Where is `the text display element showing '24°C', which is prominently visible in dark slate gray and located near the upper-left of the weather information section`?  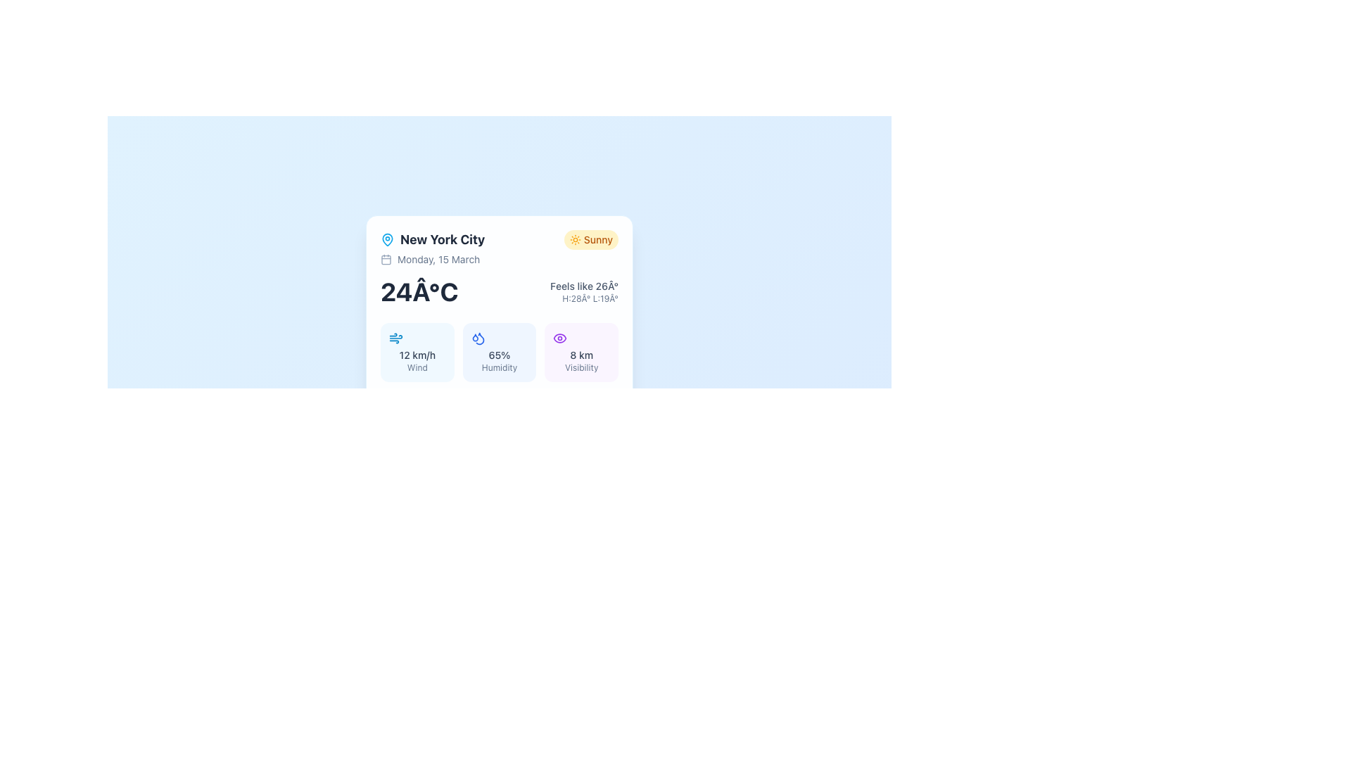
the text display element showing '24°C', which is prominently visible in dark slate gray and located near the upper-left of the weather information section is located at coordinates (419, 291).